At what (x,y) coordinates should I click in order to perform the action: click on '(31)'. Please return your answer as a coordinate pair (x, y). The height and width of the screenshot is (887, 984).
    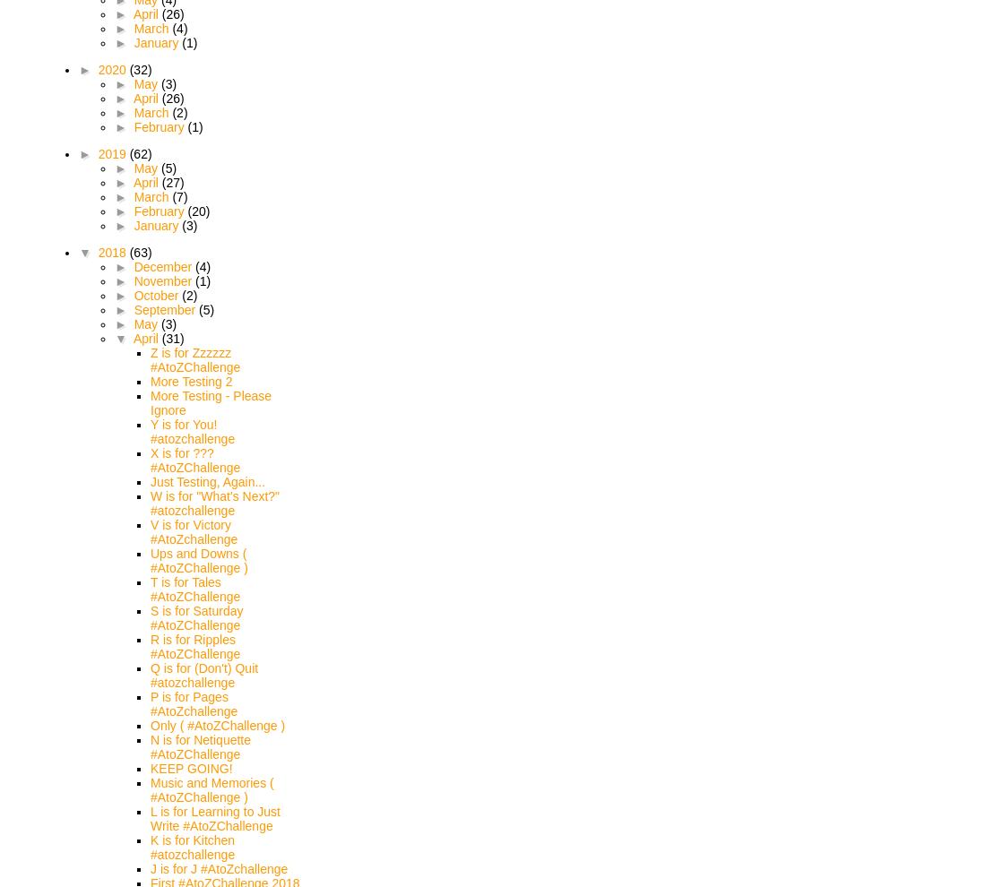
    Looking at the image, I should click on (171, 338).